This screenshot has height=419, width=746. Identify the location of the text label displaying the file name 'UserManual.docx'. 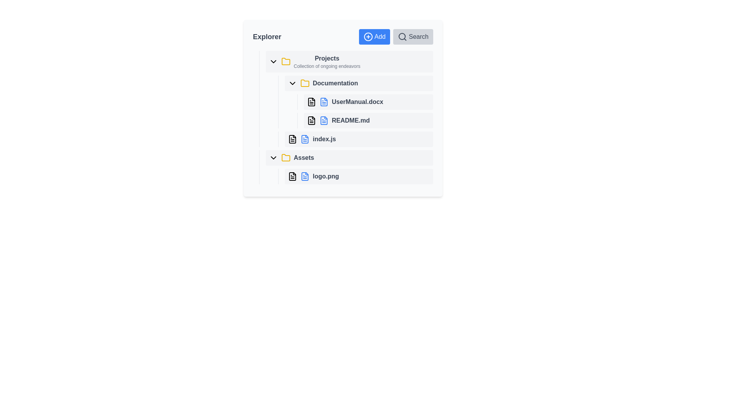
(357, 101).